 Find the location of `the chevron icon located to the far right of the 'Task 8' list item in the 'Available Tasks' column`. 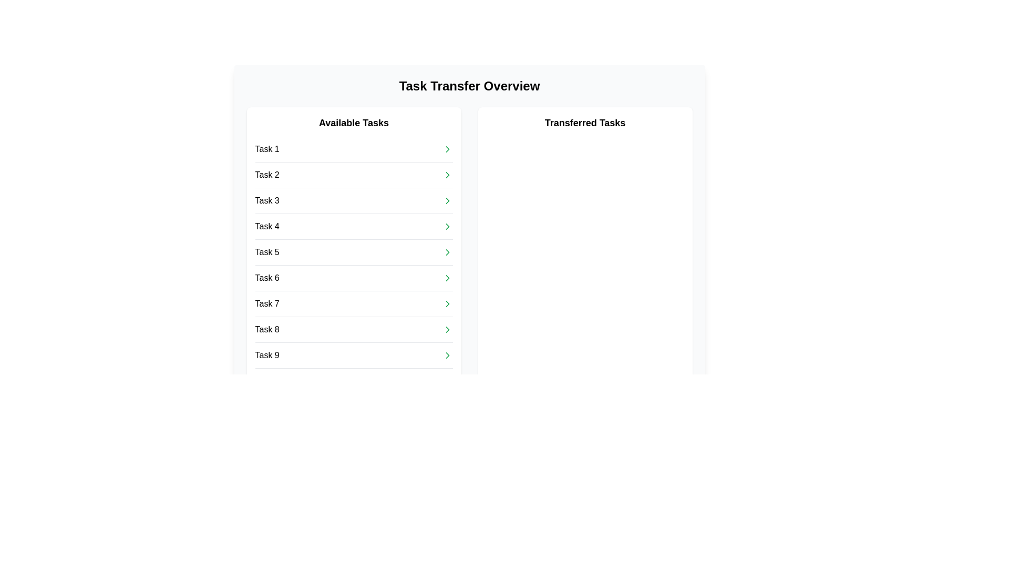

the chevron icon located to the far right of the 'Task 8' list item in the 'Available Tasks' column is located at coordinates (447, 329).